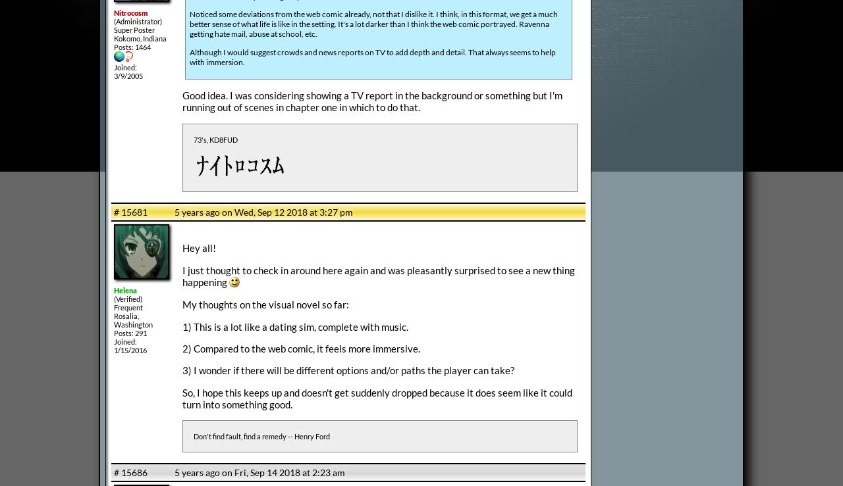  Describe the element at coordinates (114, 46) in the screenshot. I see `'Posts: 1464'` at that location.